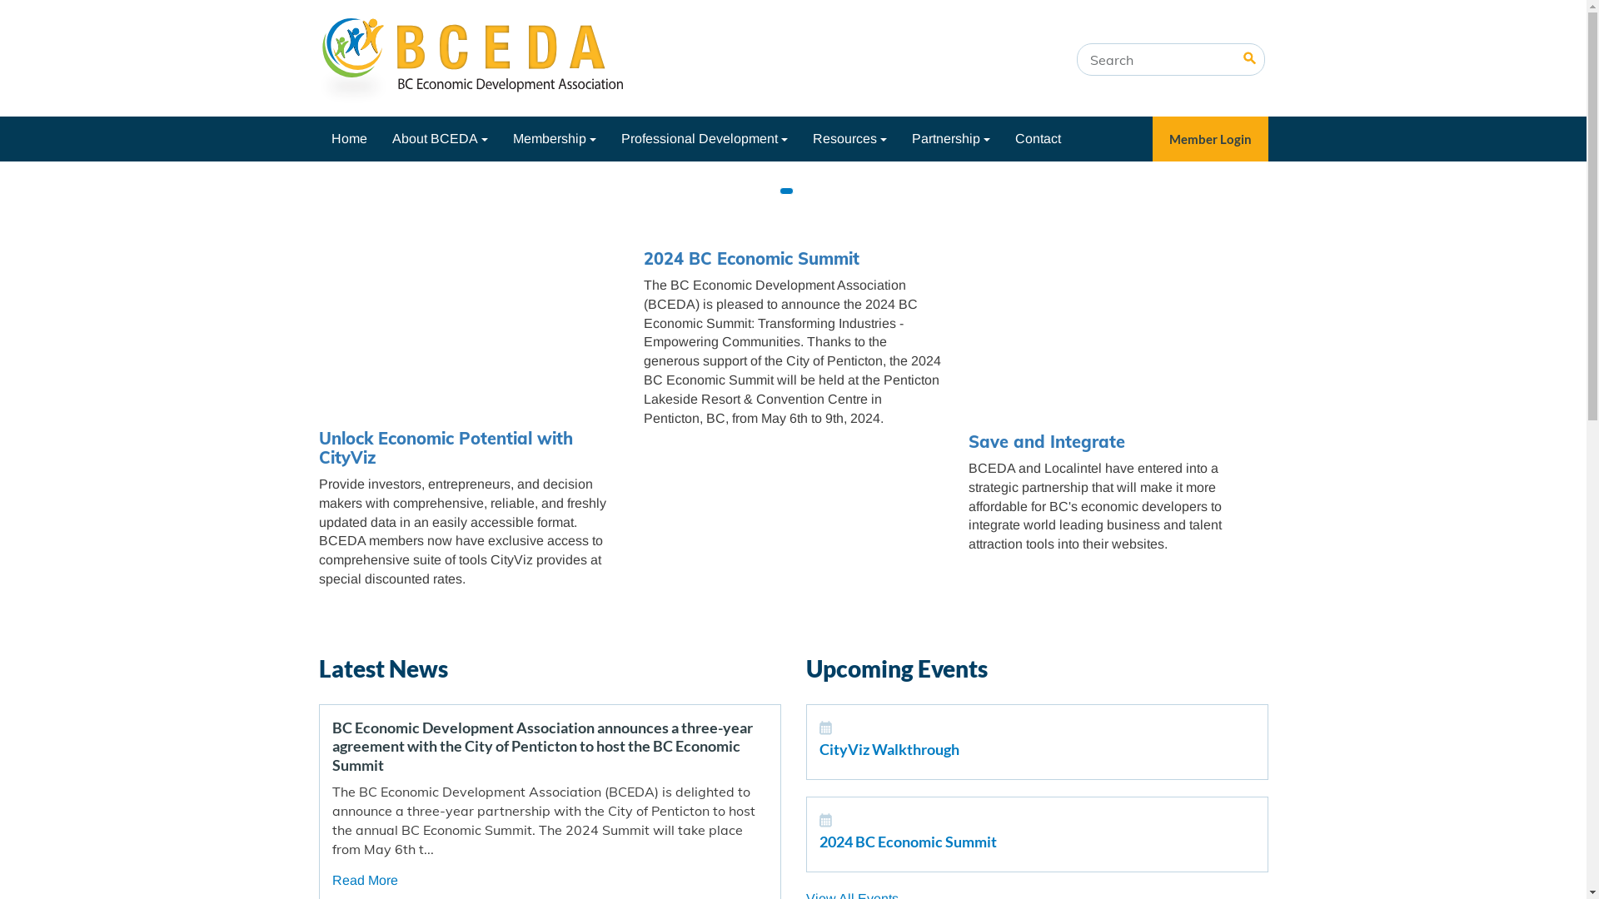  I want to click on 'Member Login', so click(1151, 137).